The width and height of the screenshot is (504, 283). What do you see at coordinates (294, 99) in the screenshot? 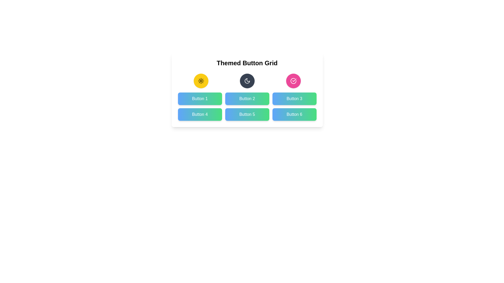
I see `the button labeled 'Button 3' to observe the hover effect, which enhances its scale and shadow` at bounding box center [294, 99].